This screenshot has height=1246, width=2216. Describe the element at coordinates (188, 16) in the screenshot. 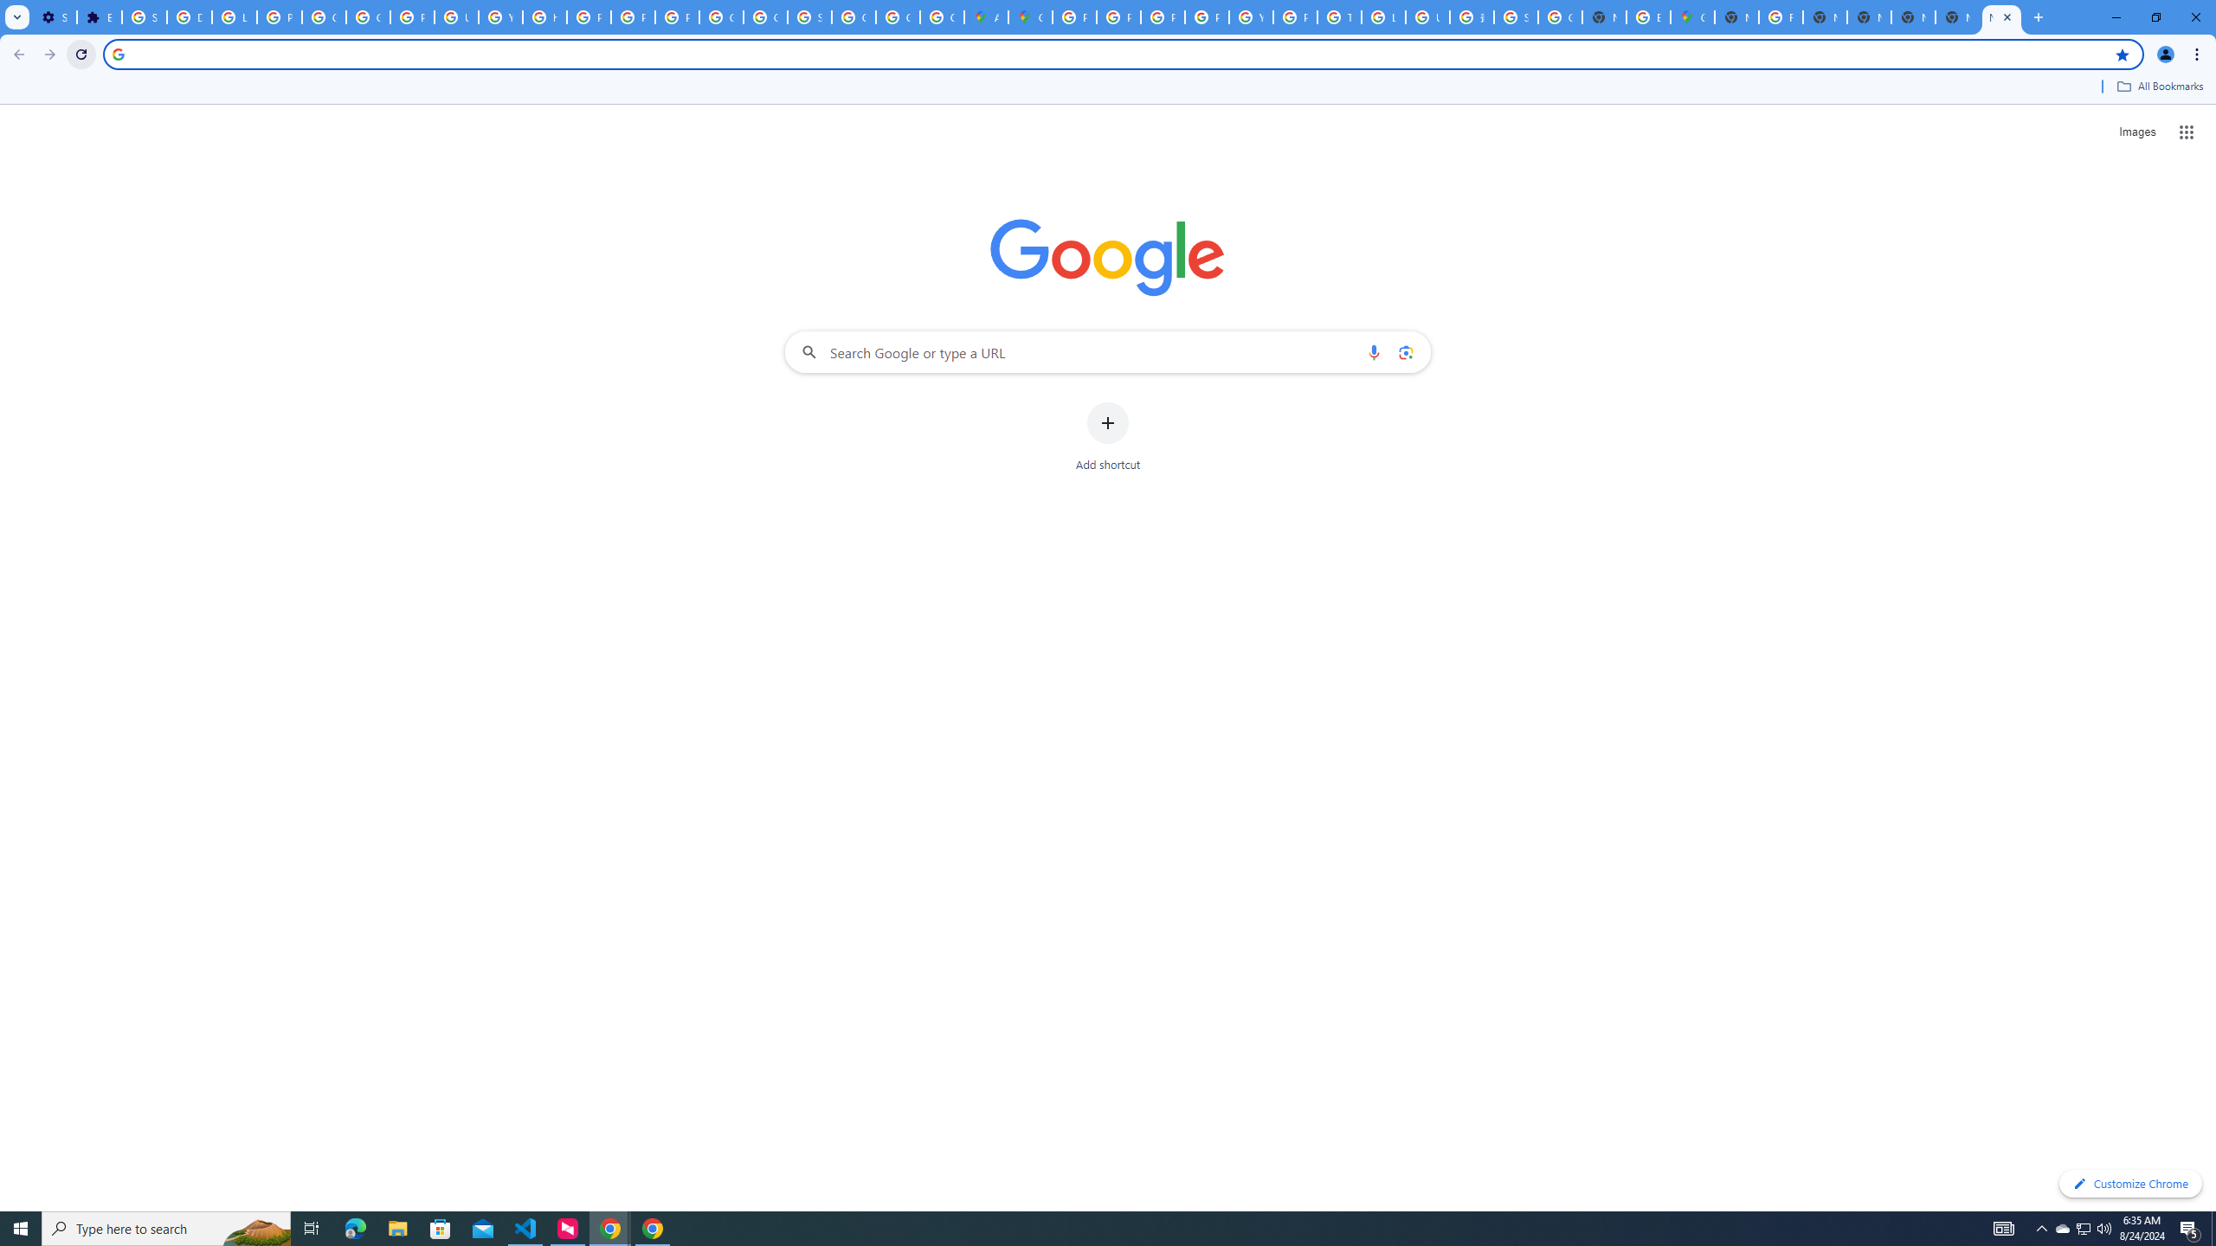

I see `'Delete photos & videos - Computer - Google Photos Help'` at that location.